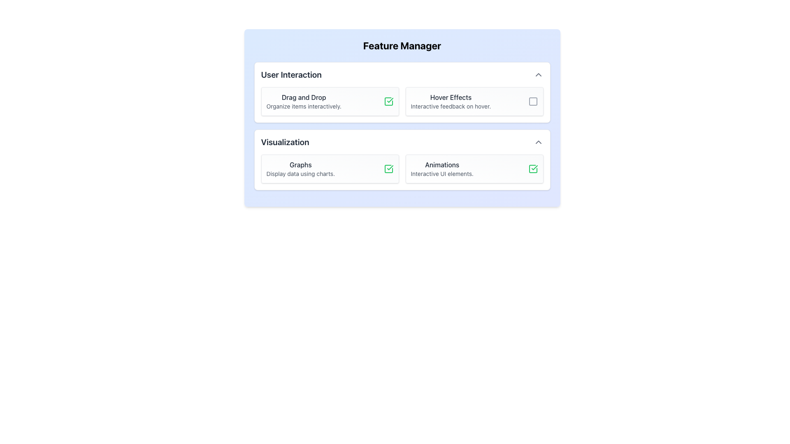 The height and width of the screenshot is (444, 790). I want to click on text content 'Drag and Drop' which is styled in bold and medium font weight, located in the top-left quadrant of the 'User Interaction' section in the 'Feature Manager' interface, so click(303, 97).